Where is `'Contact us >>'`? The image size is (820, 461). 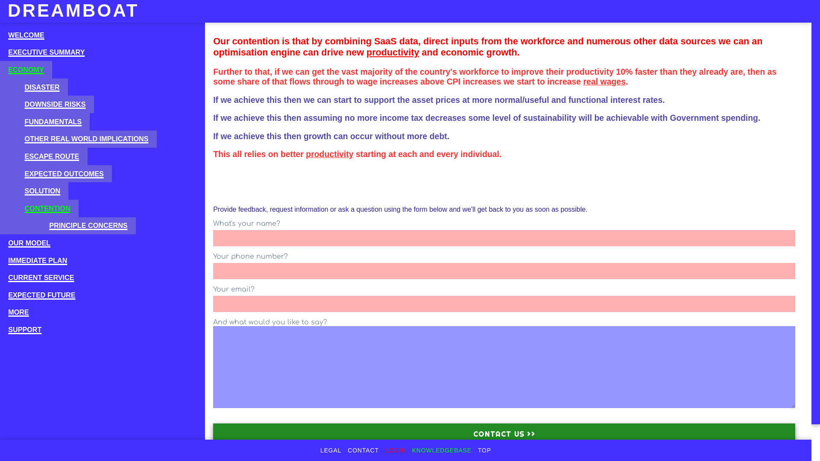 'Contact us >>' is located at coordinates (504, 435).